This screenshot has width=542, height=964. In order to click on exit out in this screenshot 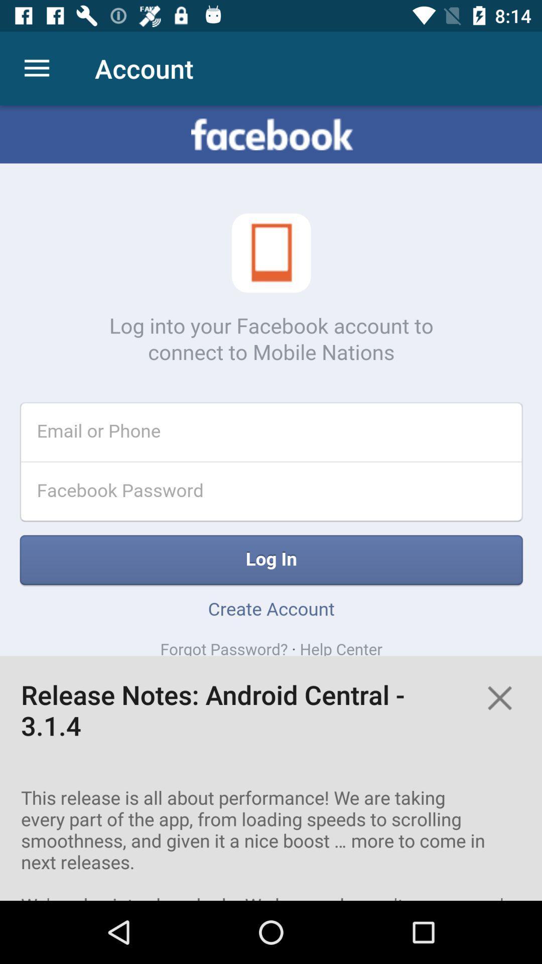, I will do `click(499, 697)`.